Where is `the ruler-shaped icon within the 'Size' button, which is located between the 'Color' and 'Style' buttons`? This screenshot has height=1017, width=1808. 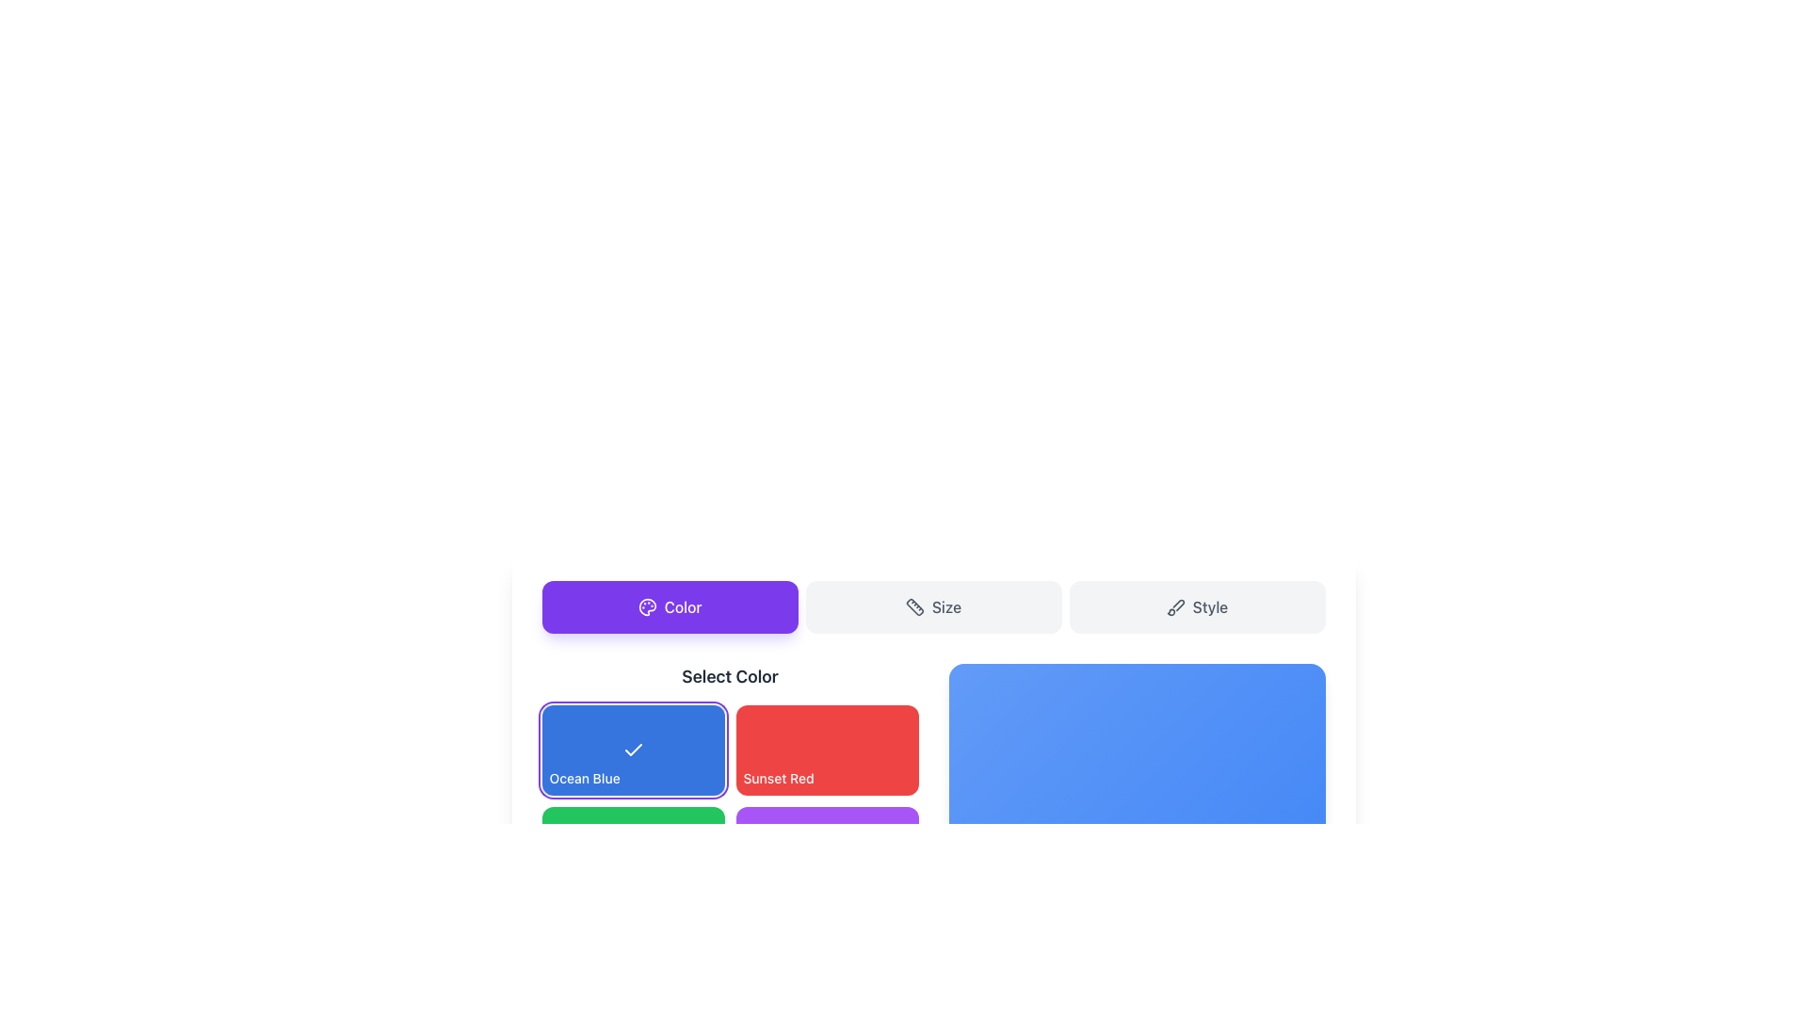 the ruler-shaped icon within the 'Size' button, which is located between the 'Color' and 'Style' buttons is located at coordinates (914, 606).